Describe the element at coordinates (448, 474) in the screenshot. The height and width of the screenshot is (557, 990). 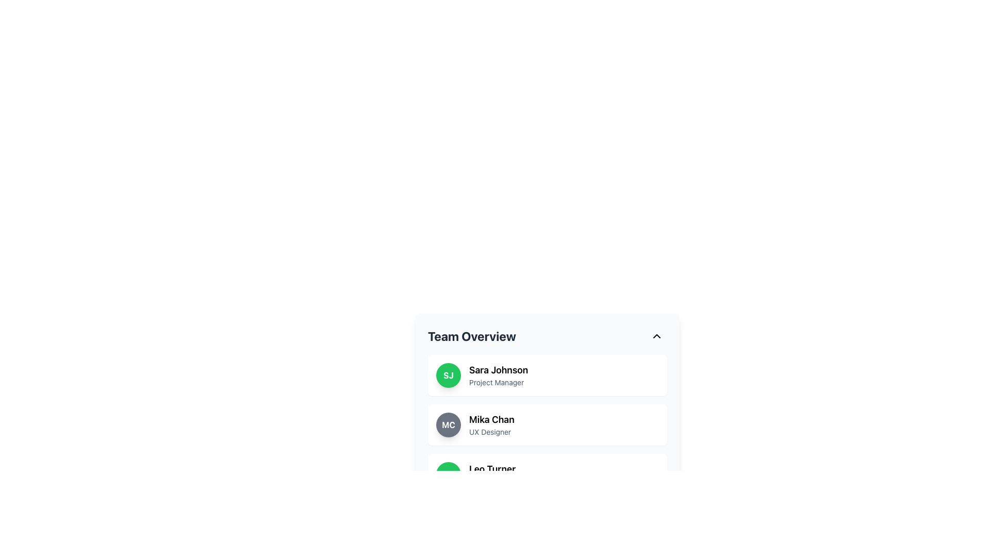
I see `the circular Profile Badge with green background and initials 'LT' in bold white letters, located in the third user card of the 'Team Overview' section, next to 'Leo Turner' and 'Developer'` at that location.